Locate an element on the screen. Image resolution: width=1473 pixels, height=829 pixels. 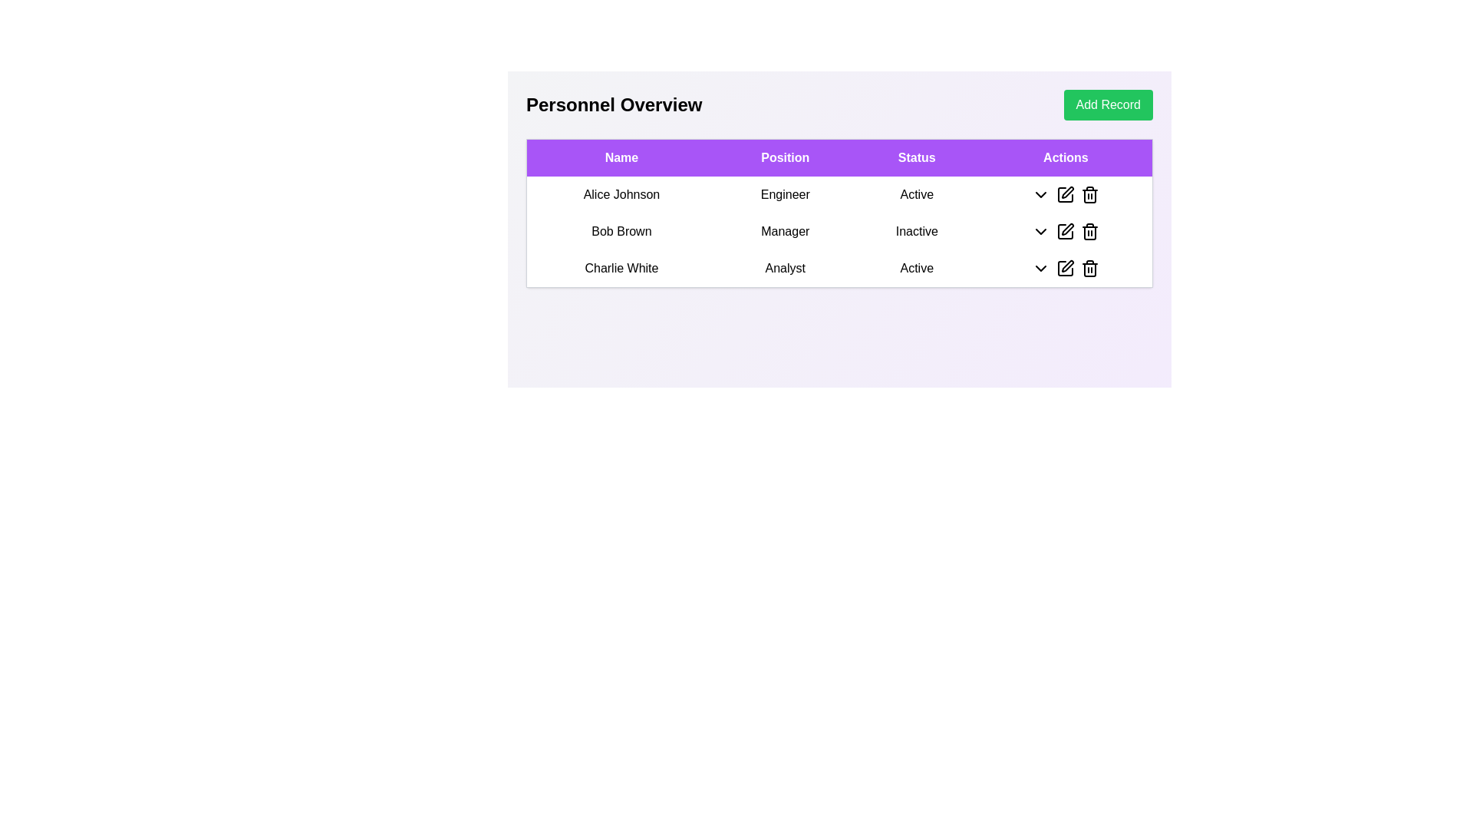
label text of the header cell located at the far left of the table header row, which serves as a context for the data listed in the column below is located at coordinates (621, 157).